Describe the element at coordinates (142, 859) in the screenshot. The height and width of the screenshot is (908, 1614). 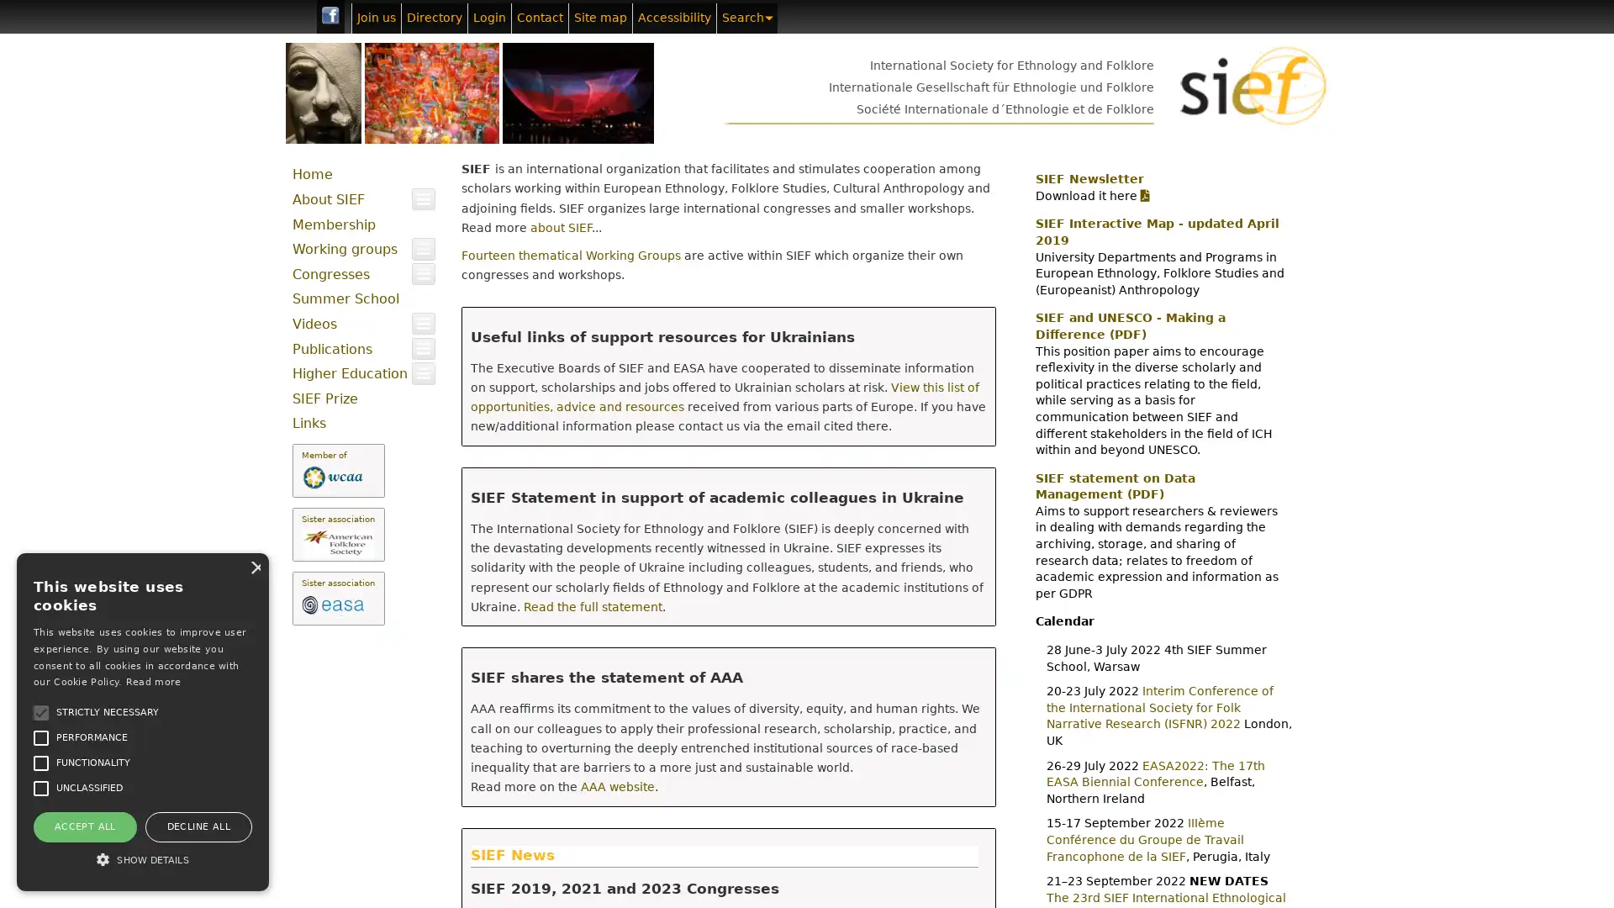
I see `SHOW DETAILS` at that location.